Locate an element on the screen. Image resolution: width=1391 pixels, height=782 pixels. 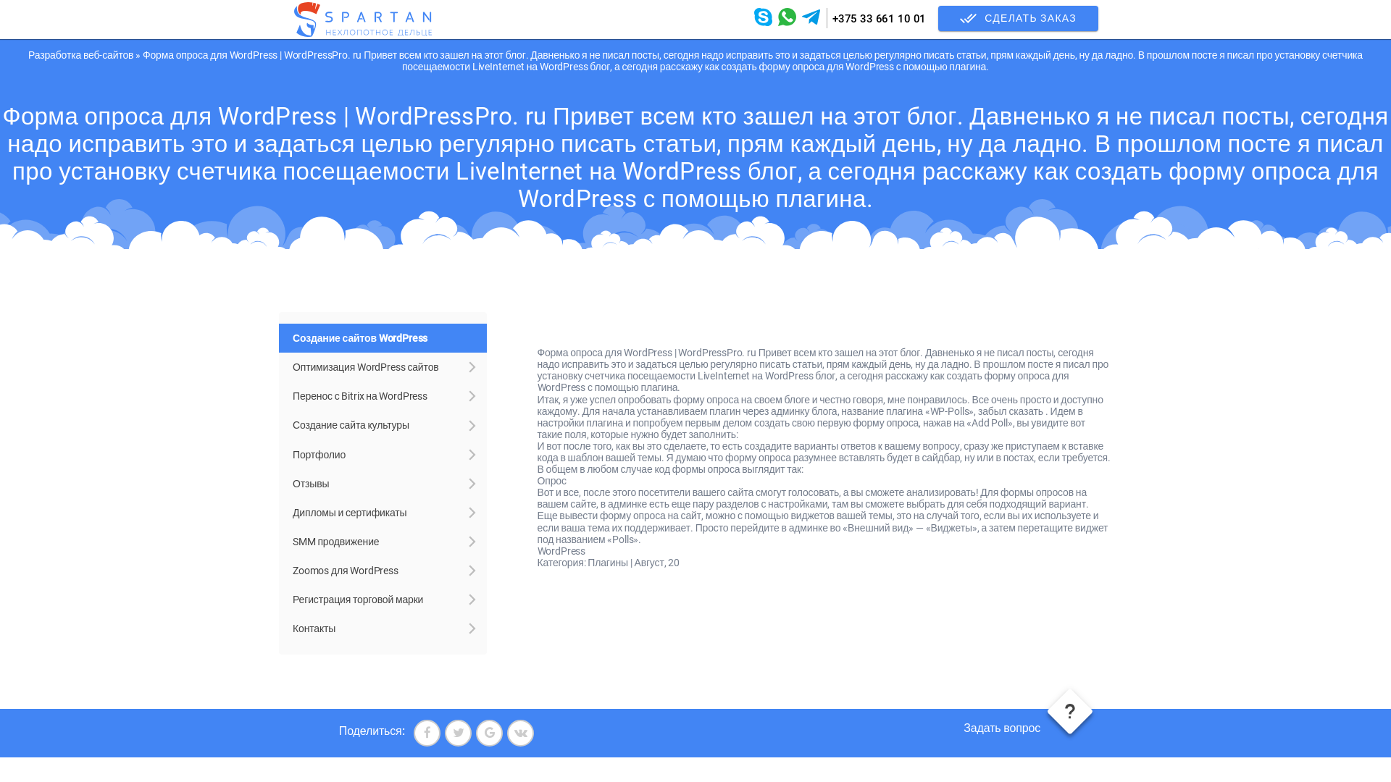
'+375 33 661 10 01' is located at coordinates (878, 19).